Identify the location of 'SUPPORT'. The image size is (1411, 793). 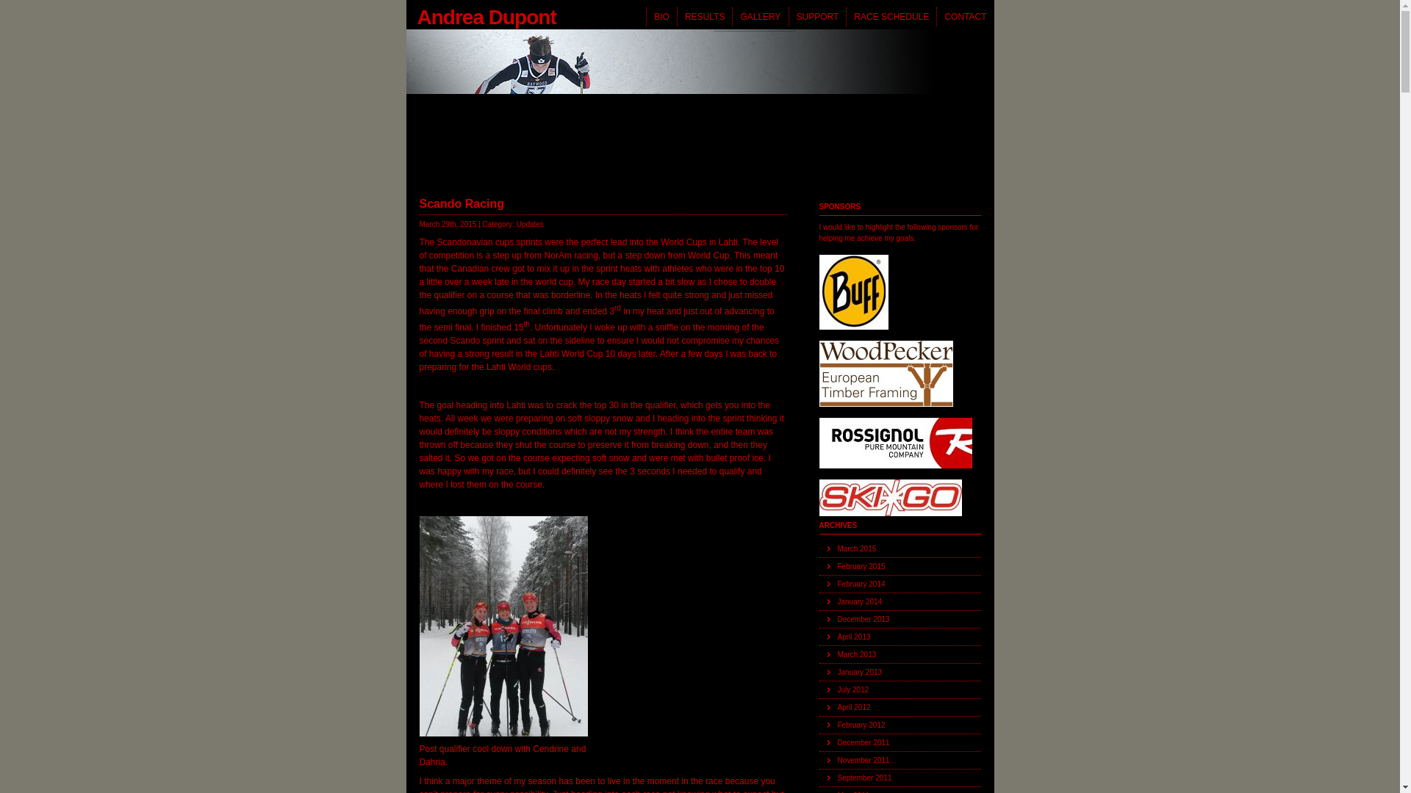
(816, 17).